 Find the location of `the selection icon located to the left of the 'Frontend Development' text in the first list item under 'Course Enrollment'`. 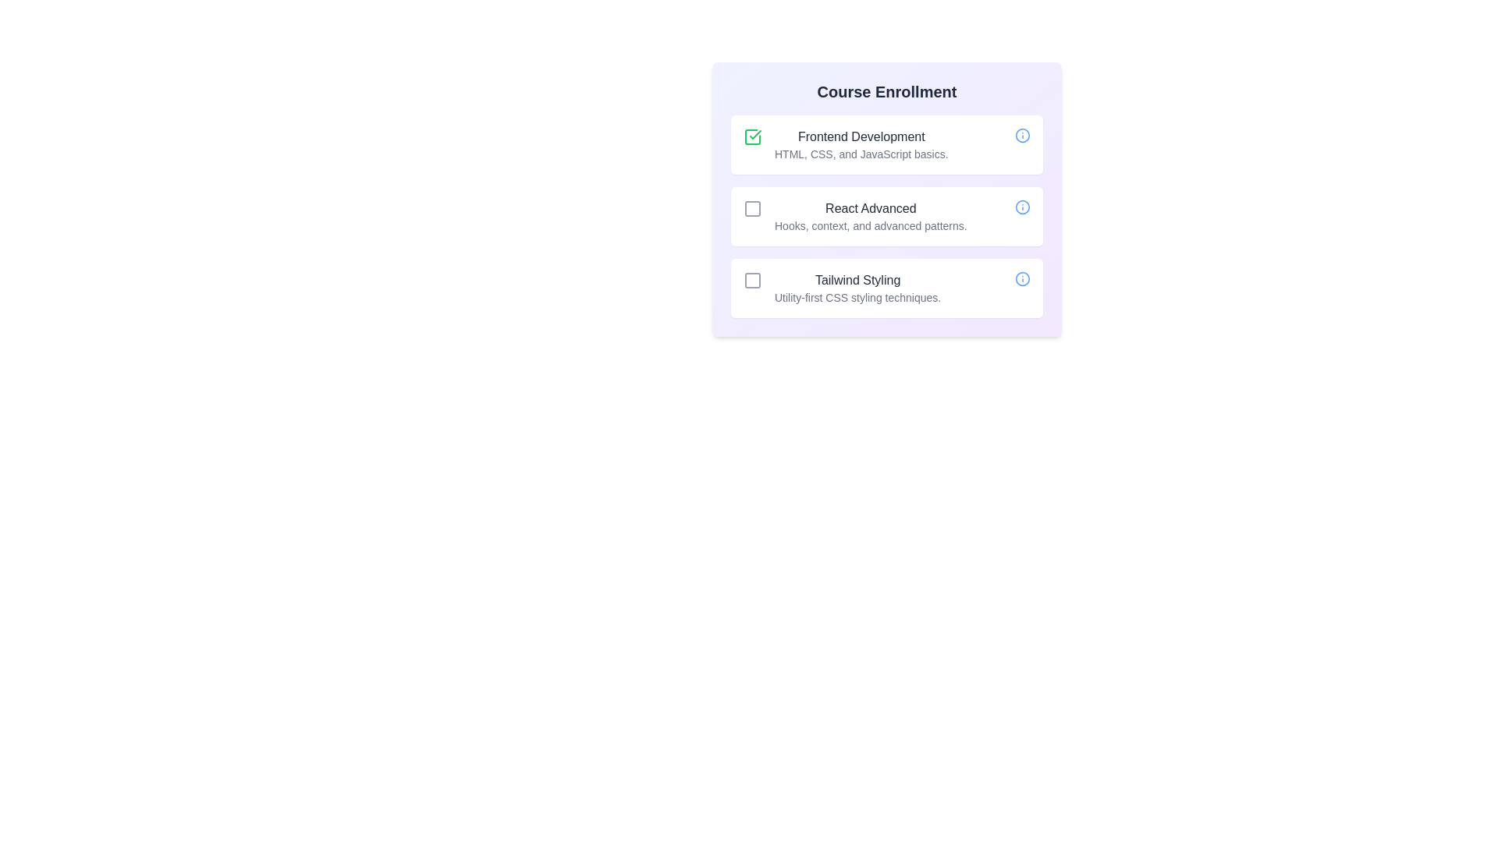

the selection icon located to the left of the 'Frontend Development' text in the first list item under 'Course Enrollment' is located at coordinates (755, 134).